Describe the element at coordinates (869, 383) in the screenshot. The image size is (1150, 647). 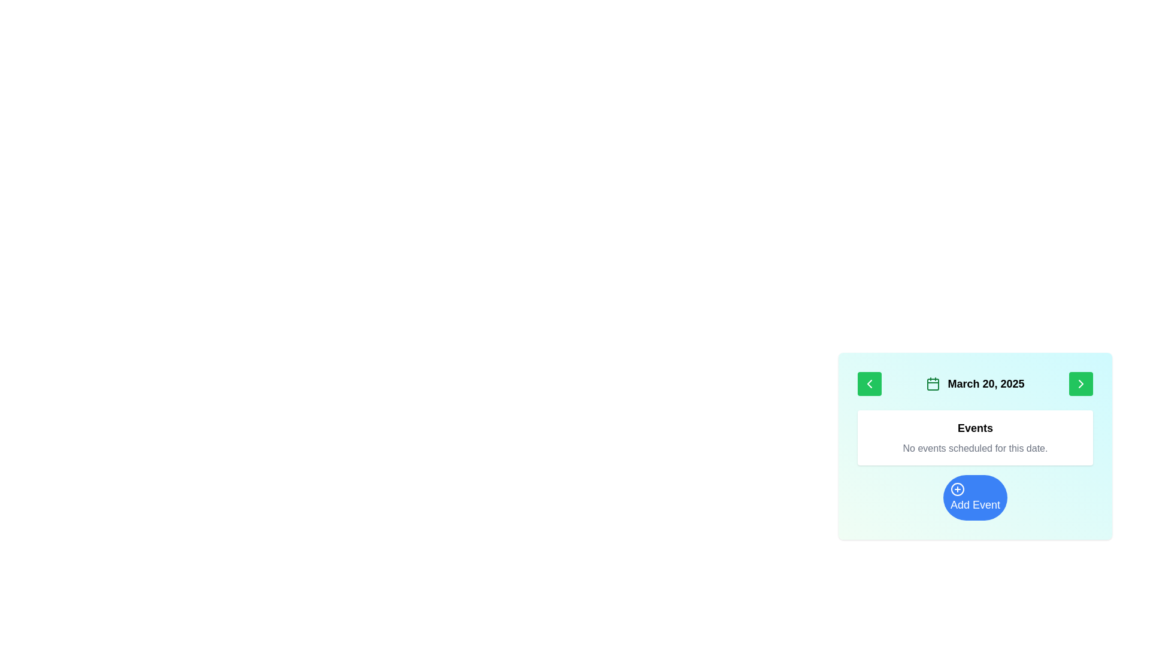
I see `the left-chevron icon in the navigation bar` at that location.